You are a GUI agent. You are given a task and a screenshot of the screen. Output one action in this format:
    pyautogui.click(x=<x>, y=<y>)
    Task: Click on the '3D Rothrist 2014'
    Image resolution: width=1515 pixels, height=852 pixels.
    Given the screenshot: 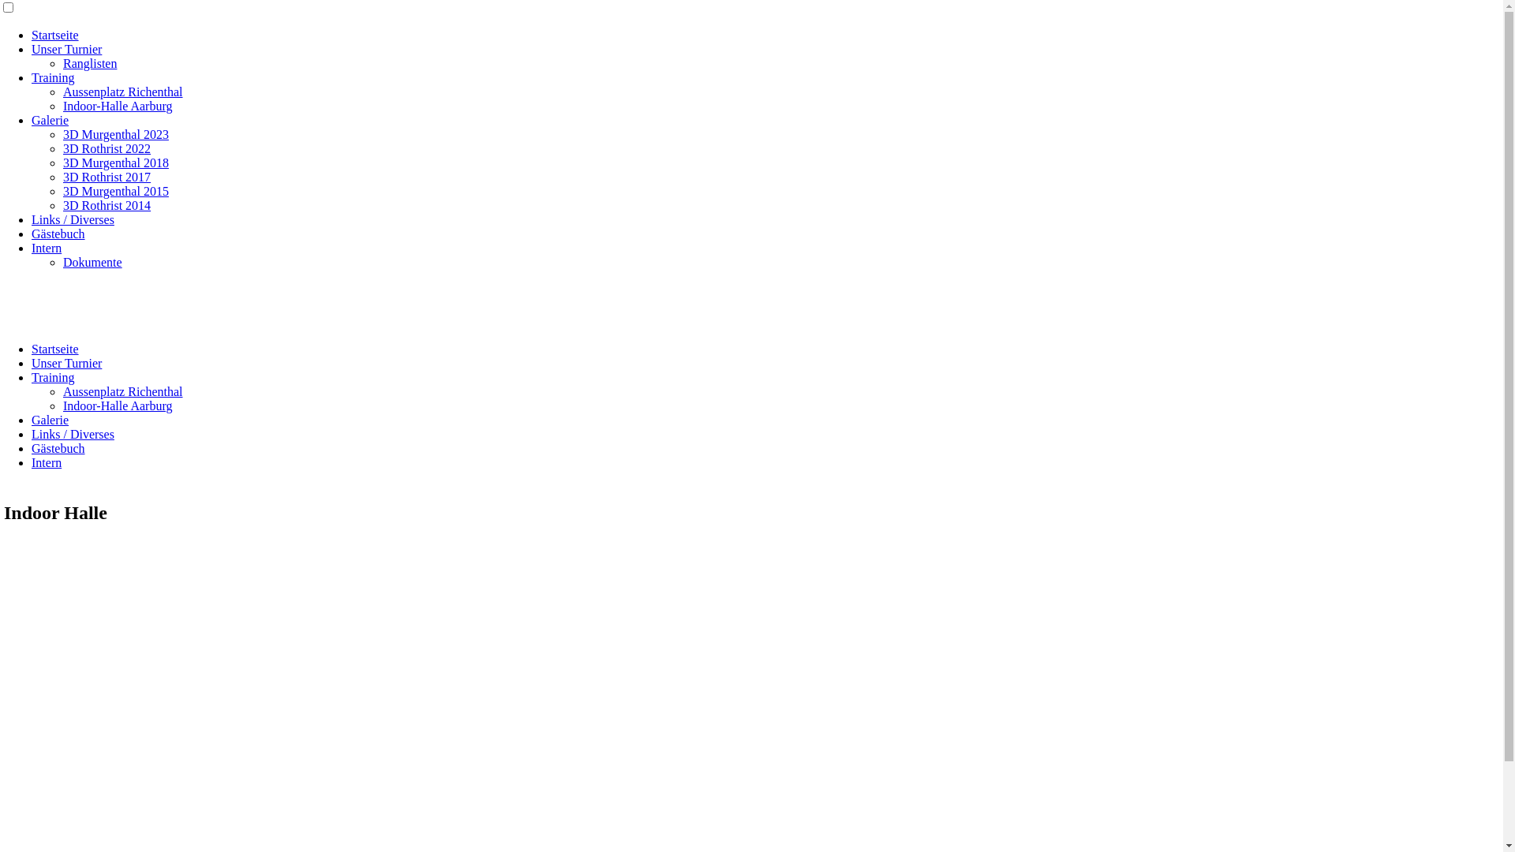 What is the action you would take?
    pyautogui.click(x=63, y=204)
    